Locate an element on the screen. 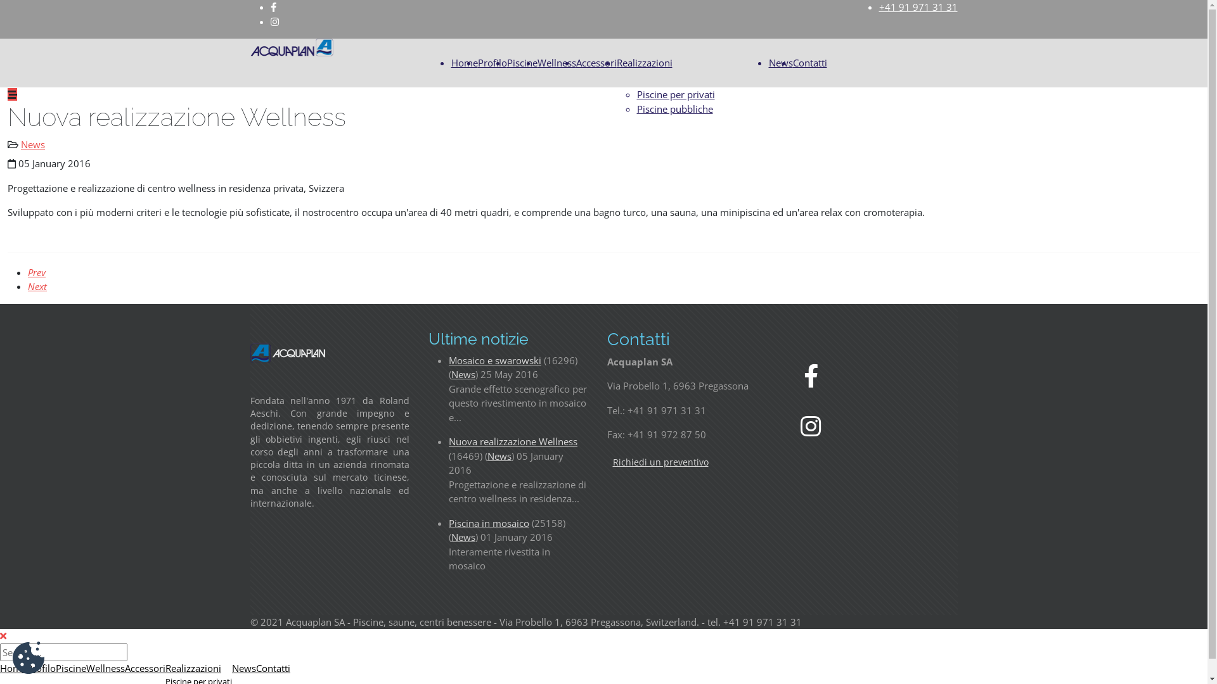 Image resolution: width=1217 pixels, height=684 pixels. 'Next' is located at coordinates (37, 286).